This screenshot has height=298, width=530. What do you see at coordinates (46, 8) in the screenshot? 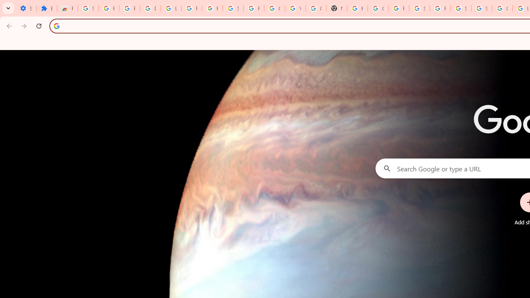
I see `'Extensions'` at bounding box center [46, 8].